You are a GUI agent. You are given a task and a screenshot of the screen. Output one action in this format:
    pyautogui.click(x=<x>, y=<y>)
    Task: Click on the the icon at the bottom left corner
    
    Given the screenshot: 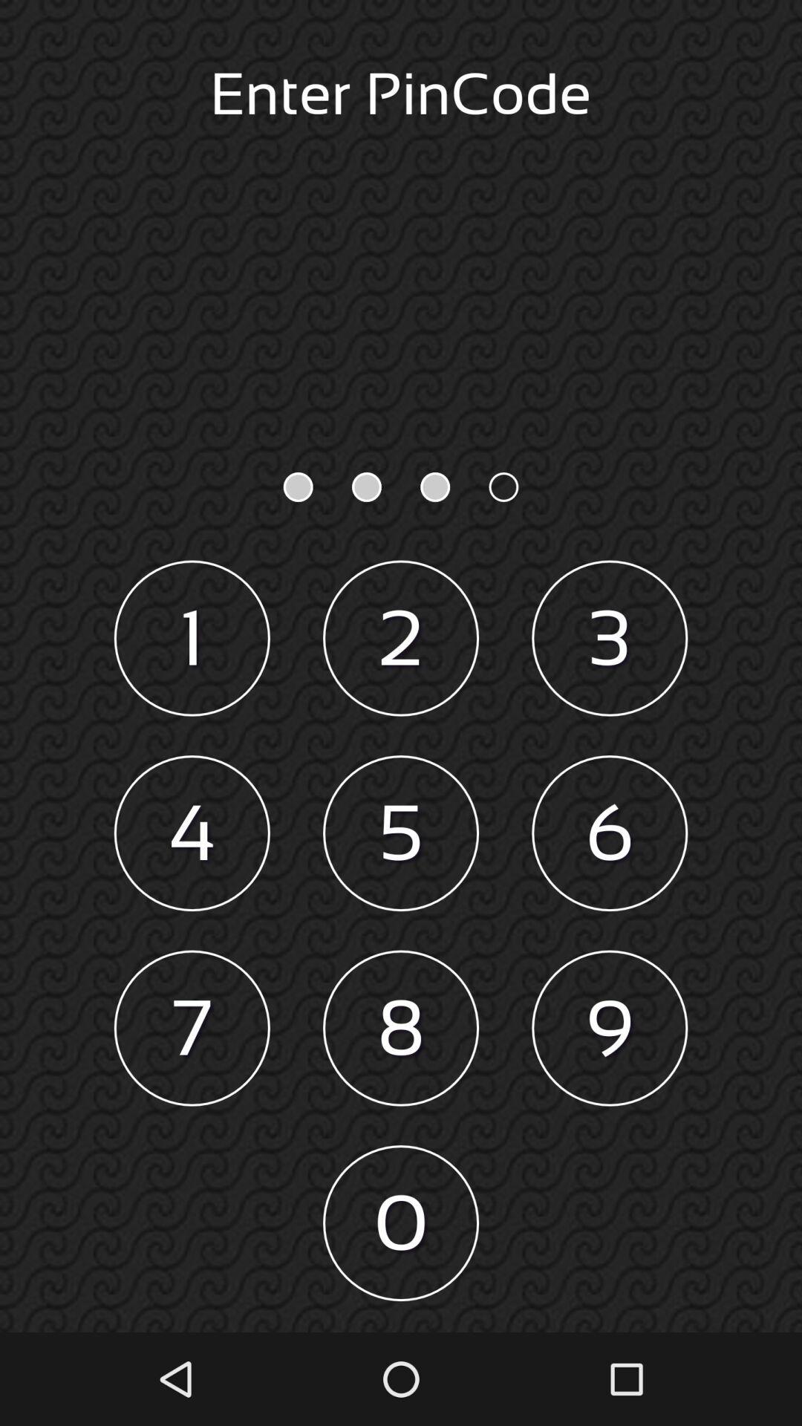 What is the action you would take?
    pyautogui.click(x=191, y=1027)
    